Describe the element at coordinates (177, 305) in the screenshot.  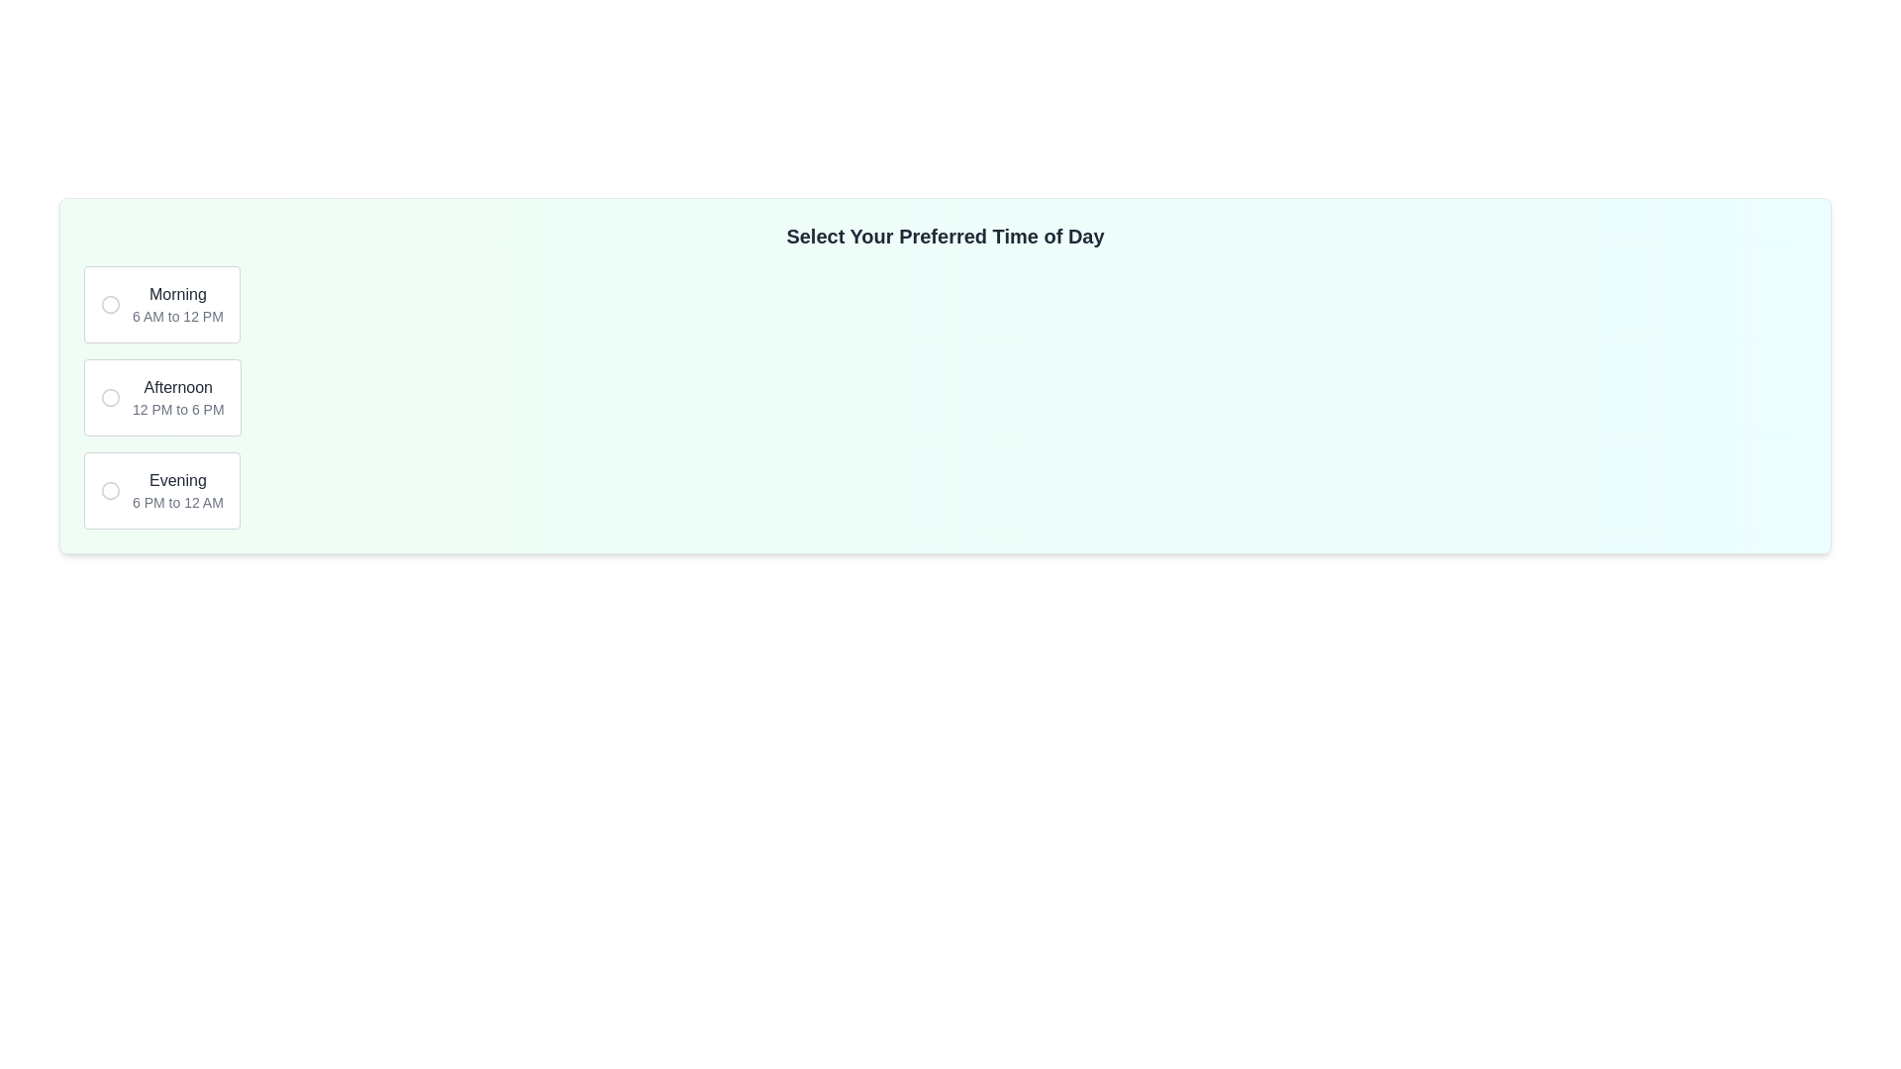
I see `the label that states 'Morning' and '6 AM to 12 PM', which is part of a selection group for time preferences` at that location.